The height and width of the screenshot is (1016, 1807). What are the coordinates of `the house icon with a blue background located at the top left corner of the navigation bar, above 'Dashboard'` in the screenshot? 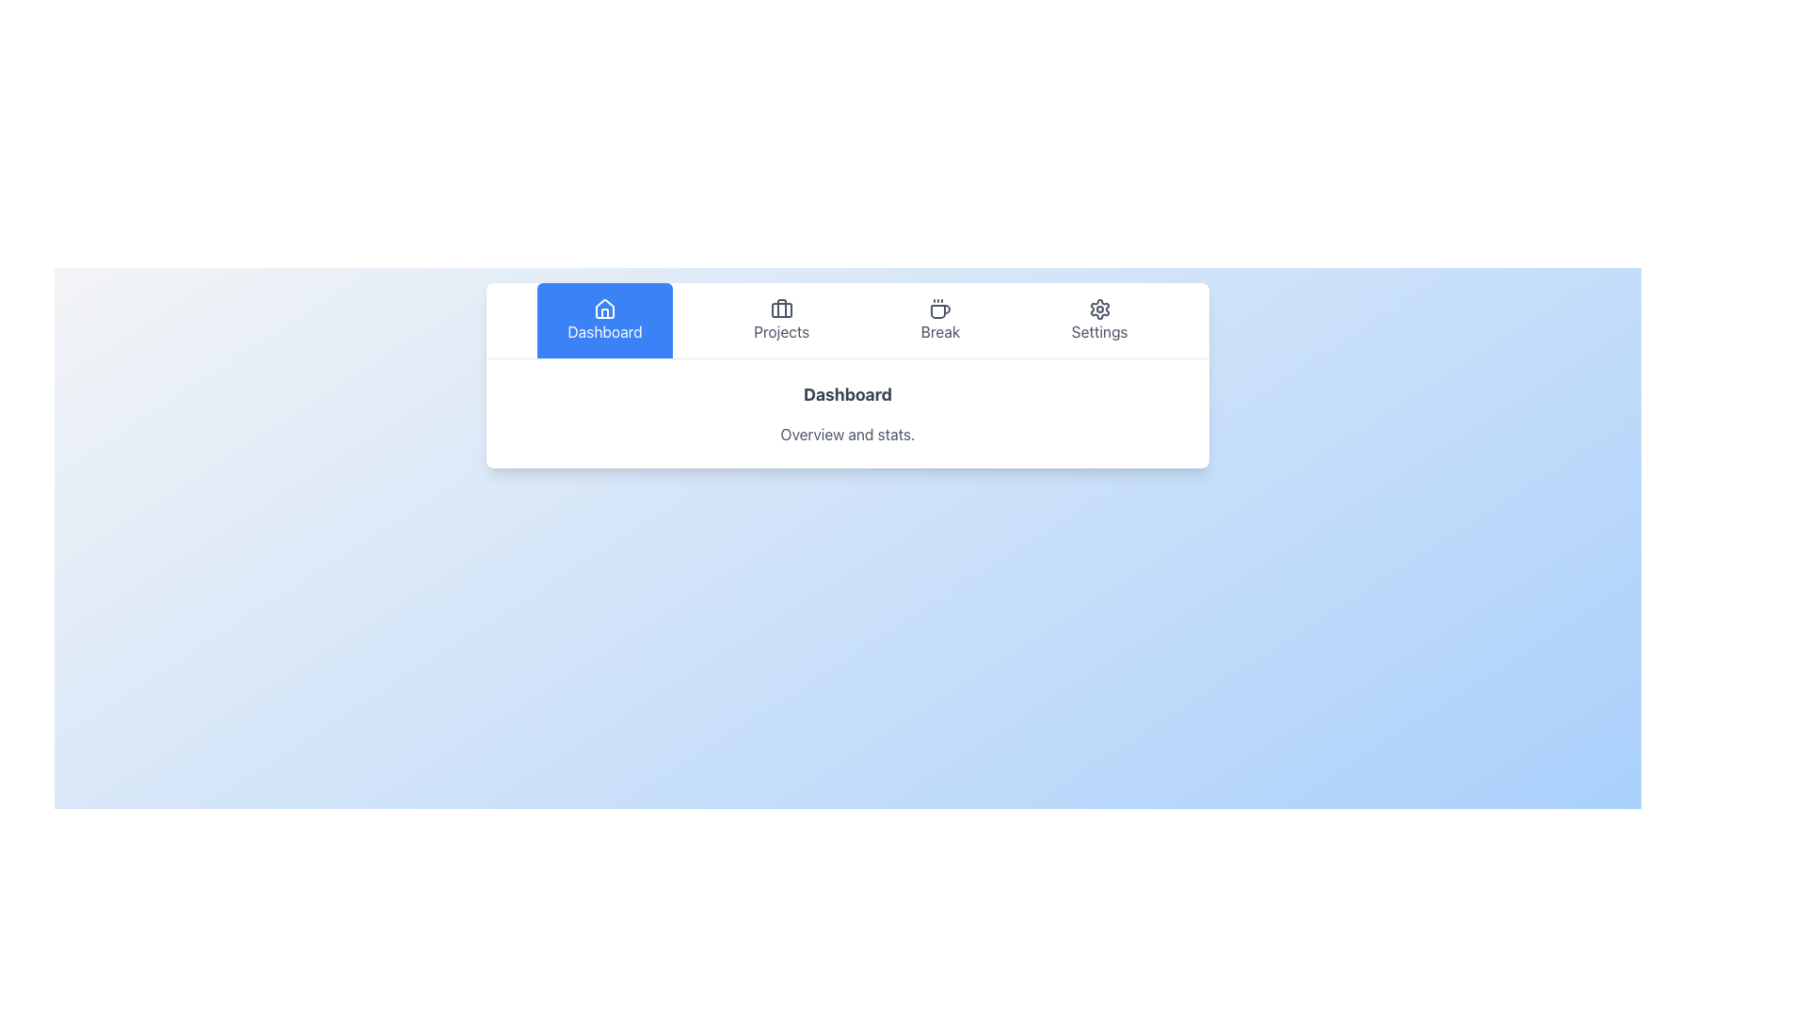 It's located at (605, 308).